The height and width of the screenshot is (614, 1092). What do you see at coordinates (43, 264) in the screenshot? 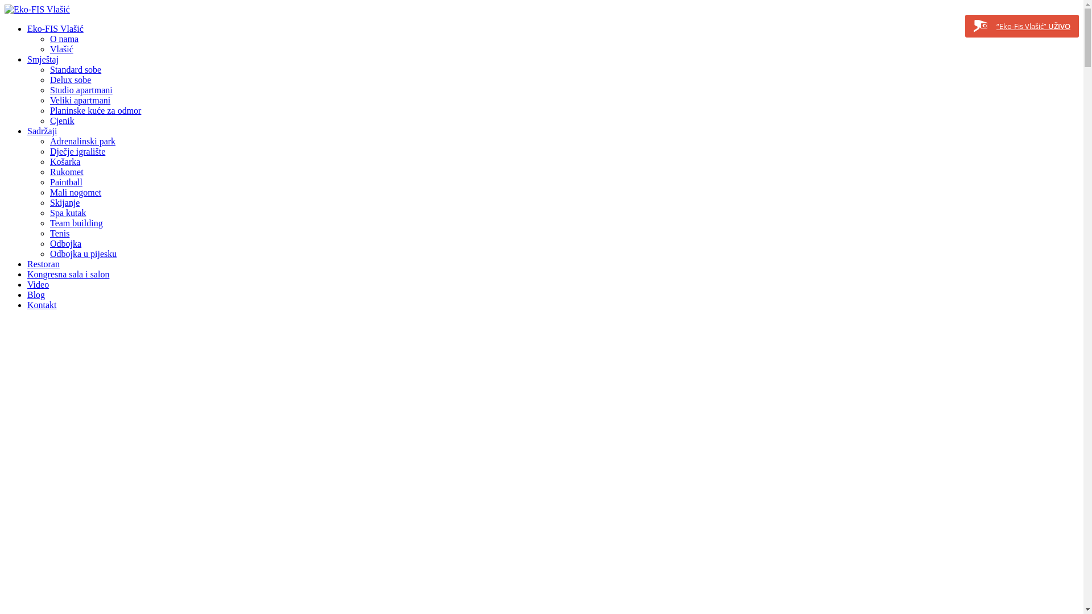
I see `'Restoran'` at bounding box center [43, 264].